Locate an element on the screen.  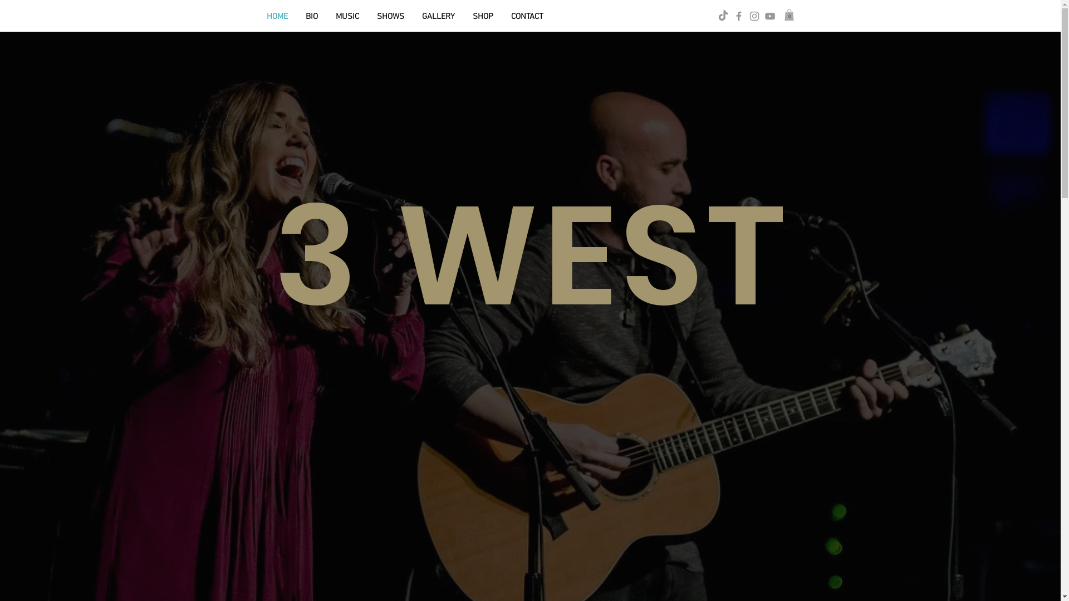
'SHOWS' is located at coordinates (390, 17).